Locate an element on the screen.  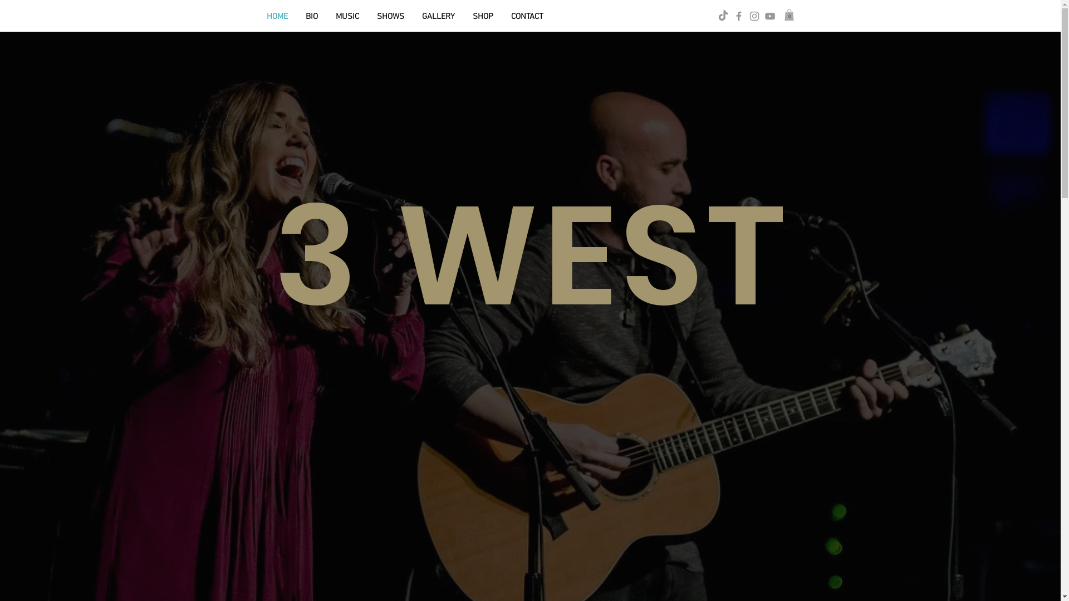
'SHOWS' is located at coordinates (390, 17).